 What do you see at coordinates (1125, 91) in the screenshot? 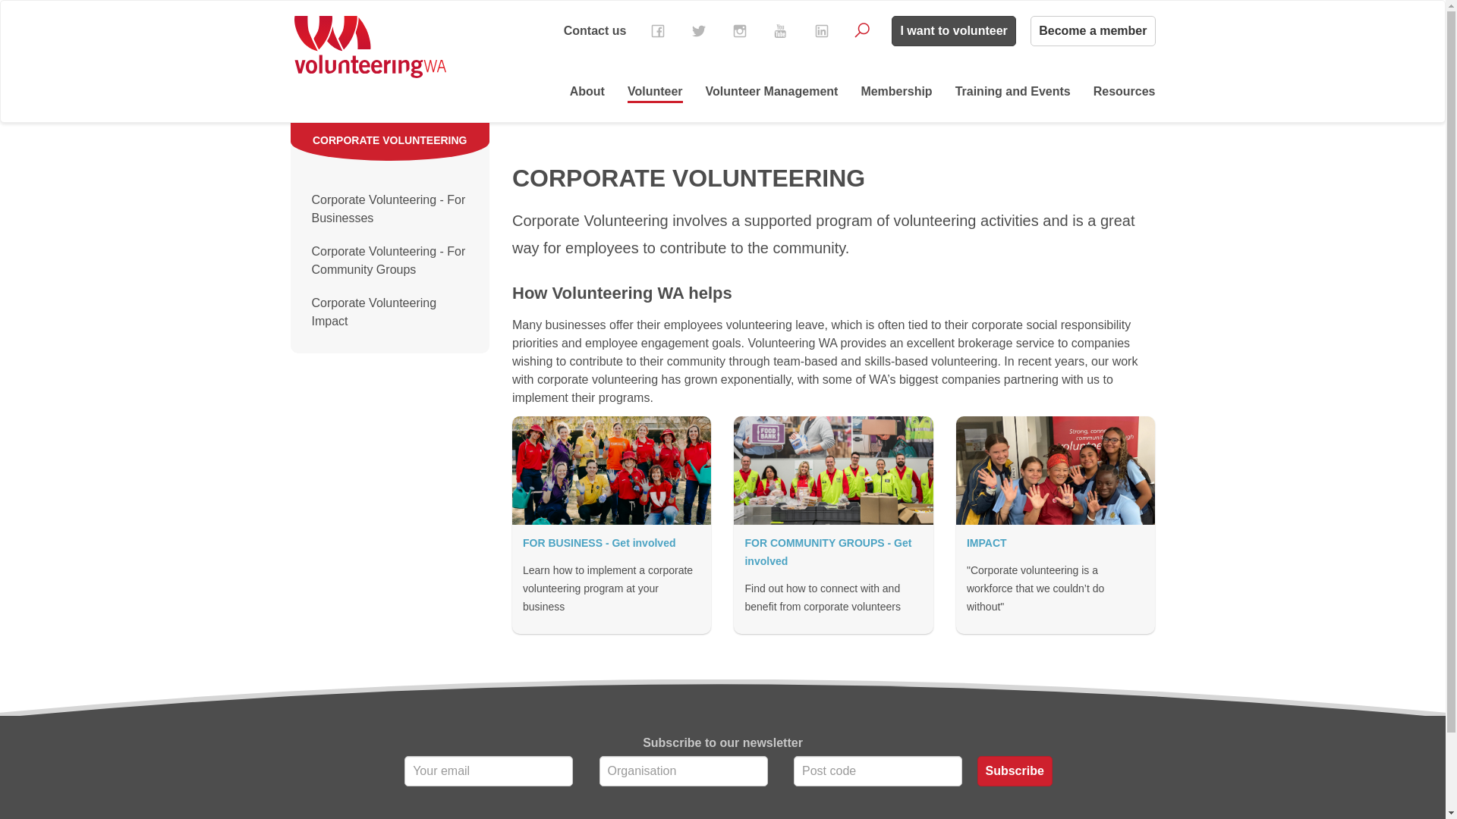
I see `'Resources'` at bounding box center [1125, 91].